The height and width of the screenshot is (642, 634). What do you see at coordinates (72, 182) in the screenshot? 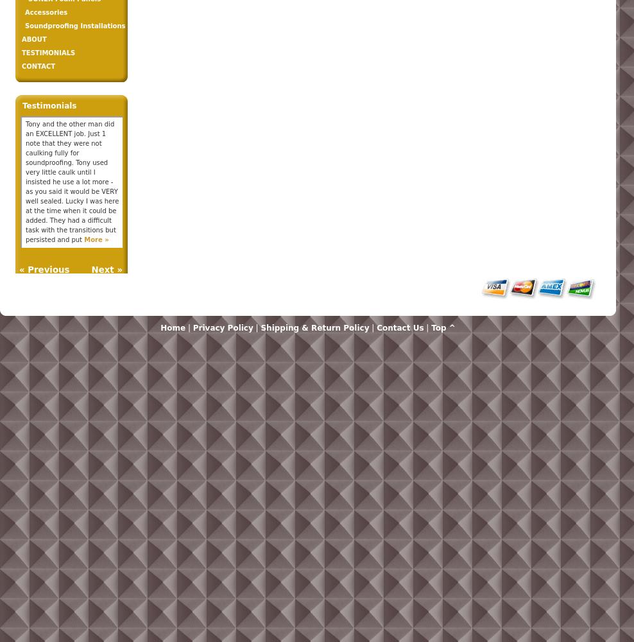
I see `'Tony and the other man did an EXCELLENT job. Just 1 note that they were not caulking fully for soundproofing. Tony used very little caulk until I insisted he use a lot more - as you said it would be VERY well sealed. Lucky I was here at the time when it could be added. They had a difficult task with the transitions but persisted and put'` at bounding box center [72, 182].